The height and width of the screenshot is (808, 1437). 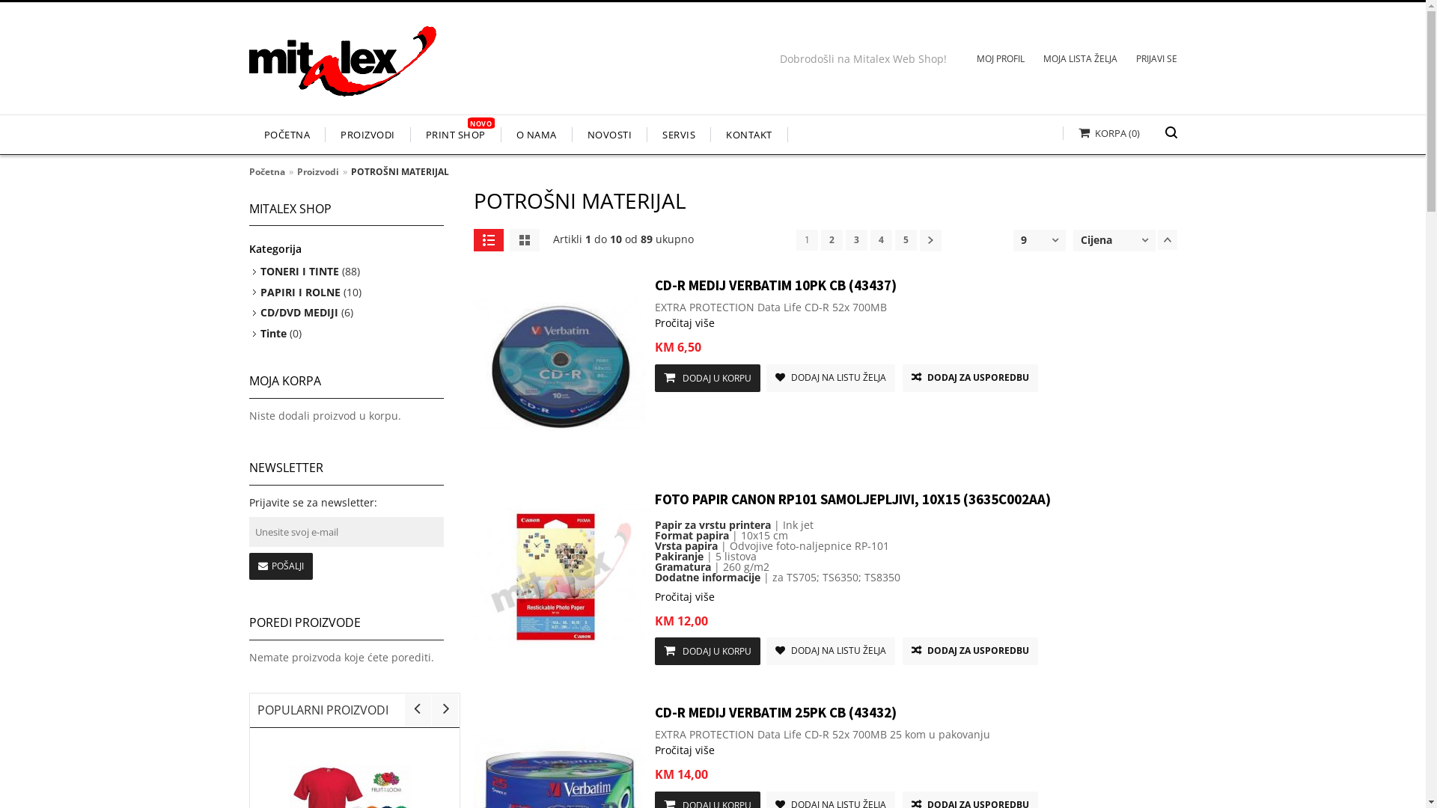 What do you see at coordinates (830, 239) in the screenshot?
I see `'2'` at bounding box center [830, 239].